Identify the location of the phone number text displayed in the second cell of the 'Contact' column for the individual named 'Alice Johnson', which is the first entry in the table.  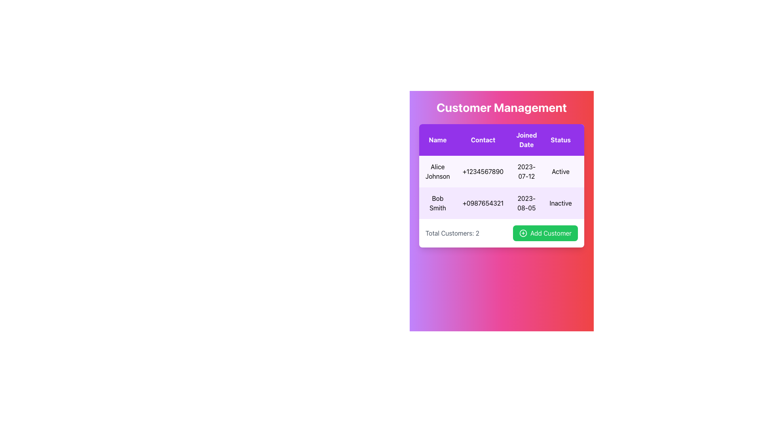
(483, 171).